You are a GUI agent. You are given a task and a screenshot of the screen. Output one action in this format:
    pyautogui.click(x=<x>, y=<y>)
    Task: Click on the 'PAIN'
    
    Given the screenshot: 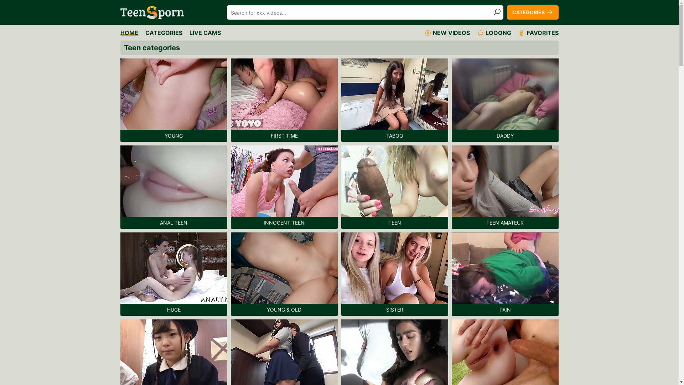 What is the action you would take?
    pyautogui.click(x=504, y=273)
    